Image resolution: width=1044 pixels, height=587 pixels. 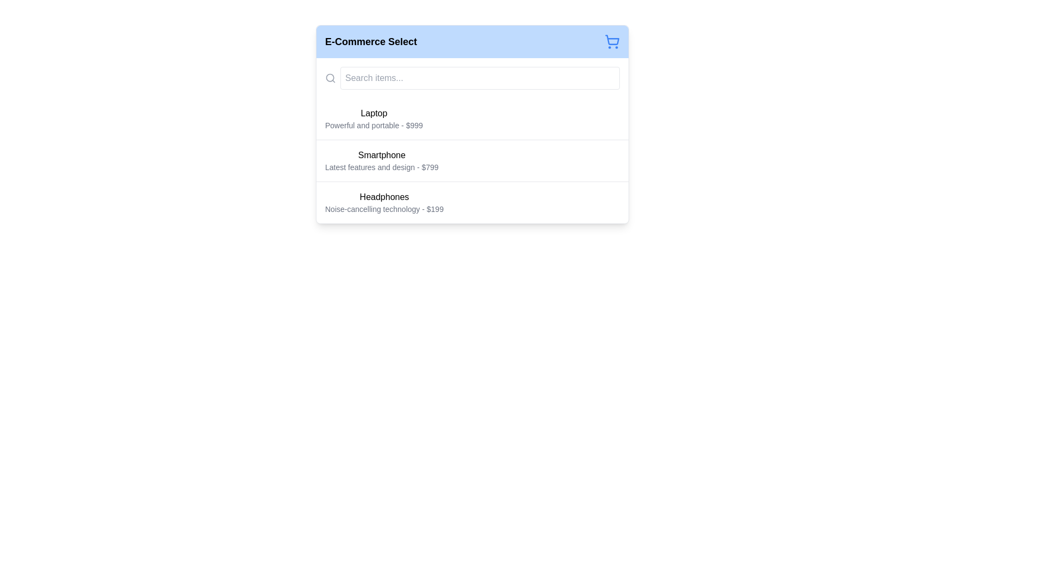 What do you see at coordinates (384, 203) in the screenshot?
I see `the text label displaying 'Headphones' with the price of '$199', which is the third item in the E-Commerce Select list` at bounding box center [384, 203].